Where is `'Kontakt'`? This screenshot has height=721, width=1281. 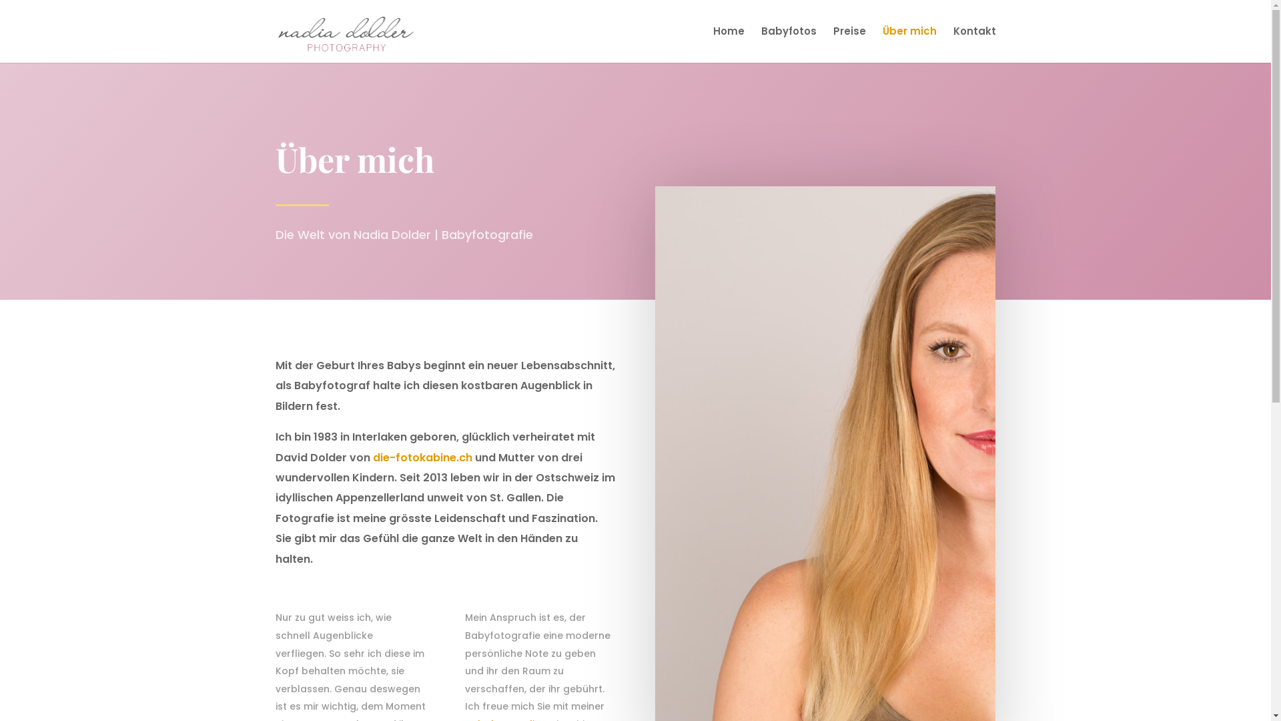 'Kontakt' is located at coordinates (973, 43).